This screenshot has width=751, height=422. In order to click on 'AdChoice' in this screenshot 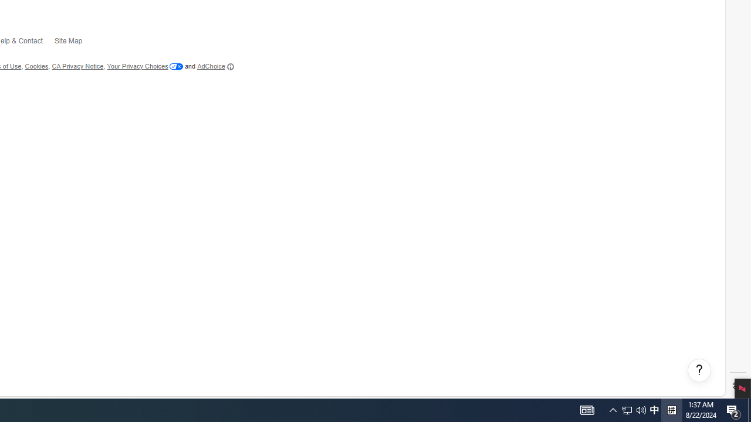, I will do `click(215, 66)`.